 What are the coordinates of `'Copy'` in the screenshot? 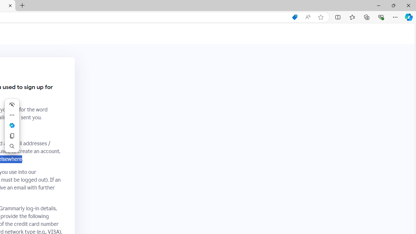 It's located at (12, 135).